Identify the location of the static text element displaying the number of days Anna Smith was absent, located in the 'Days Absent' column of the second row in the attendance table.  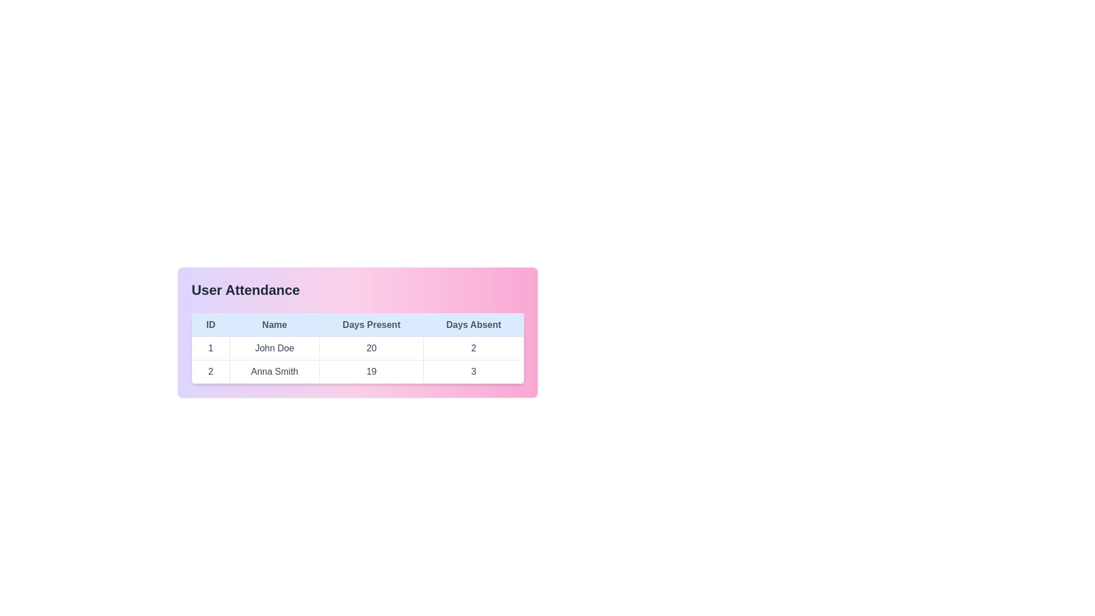
(473, 371).